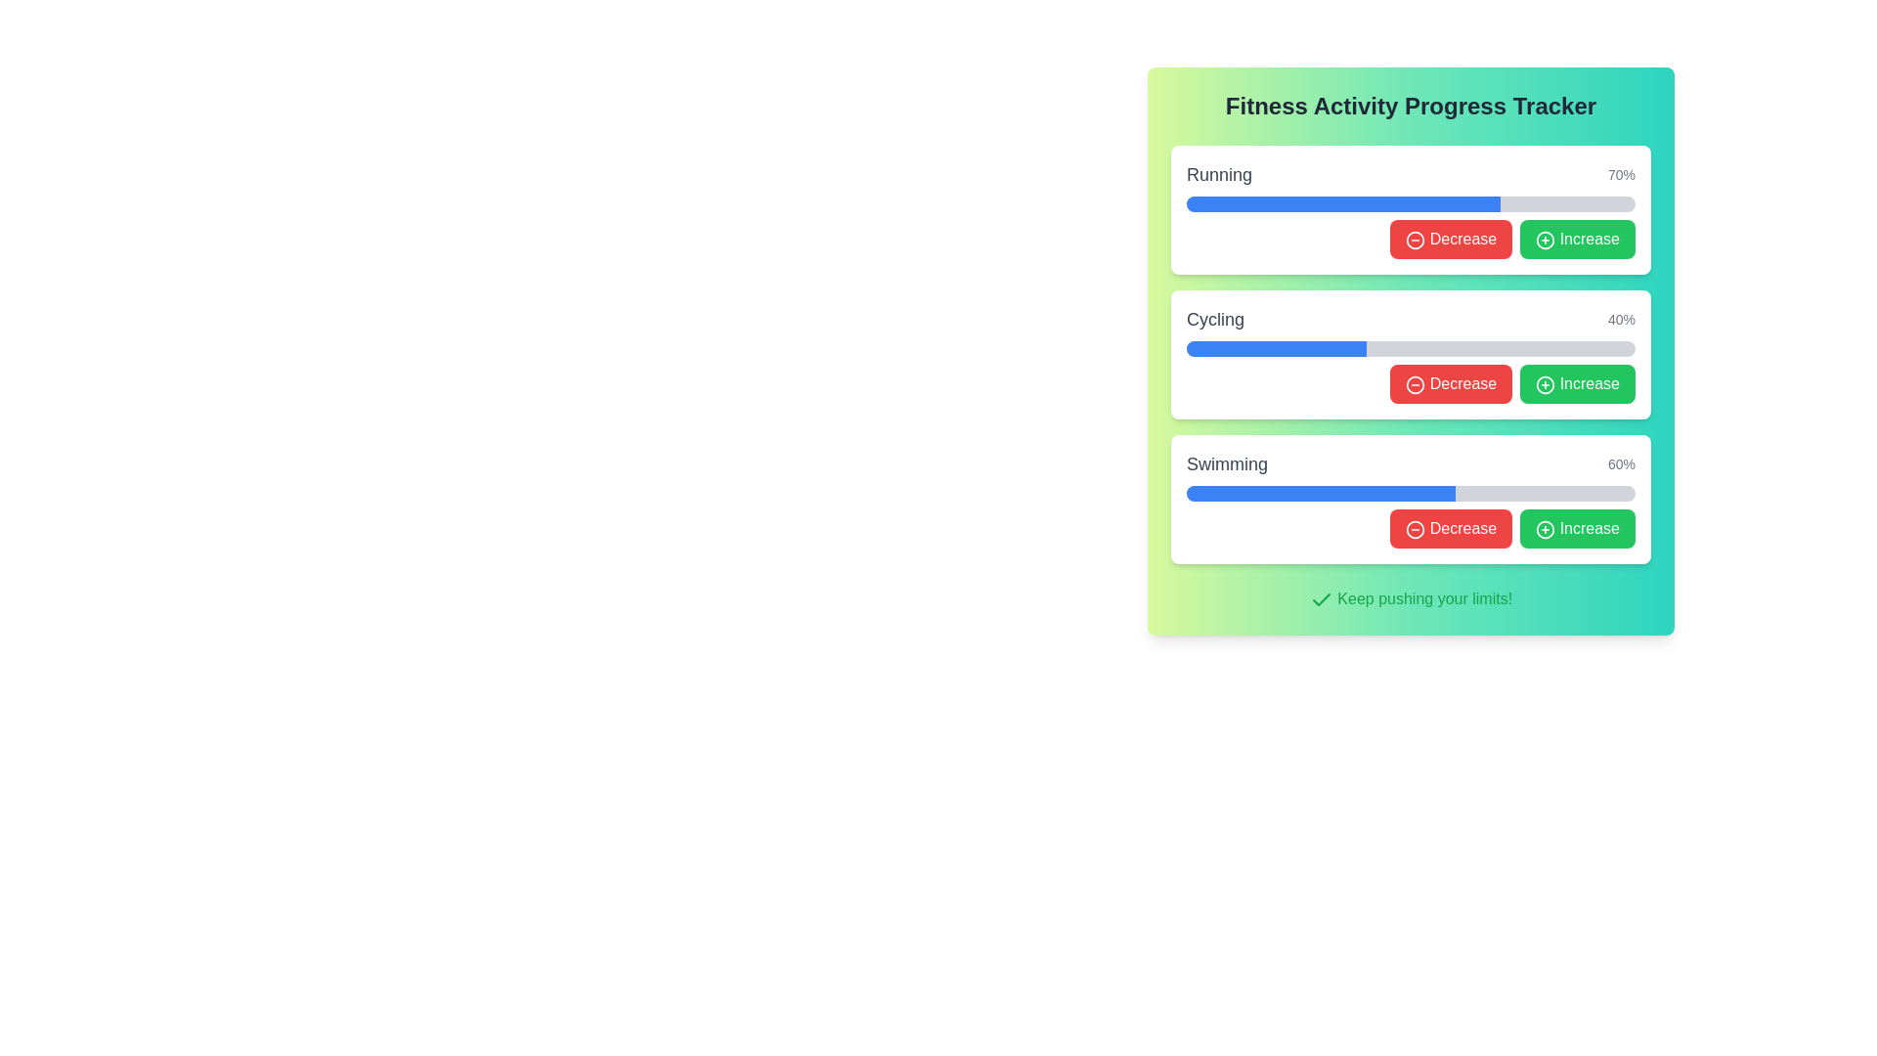 This screenshot has height=1056, width=1877. I want to click on the status indicated by the unique affirmative status icon located in the green motivational area, left of the text 'Keep pushing your limits!', so click(1321, 598).